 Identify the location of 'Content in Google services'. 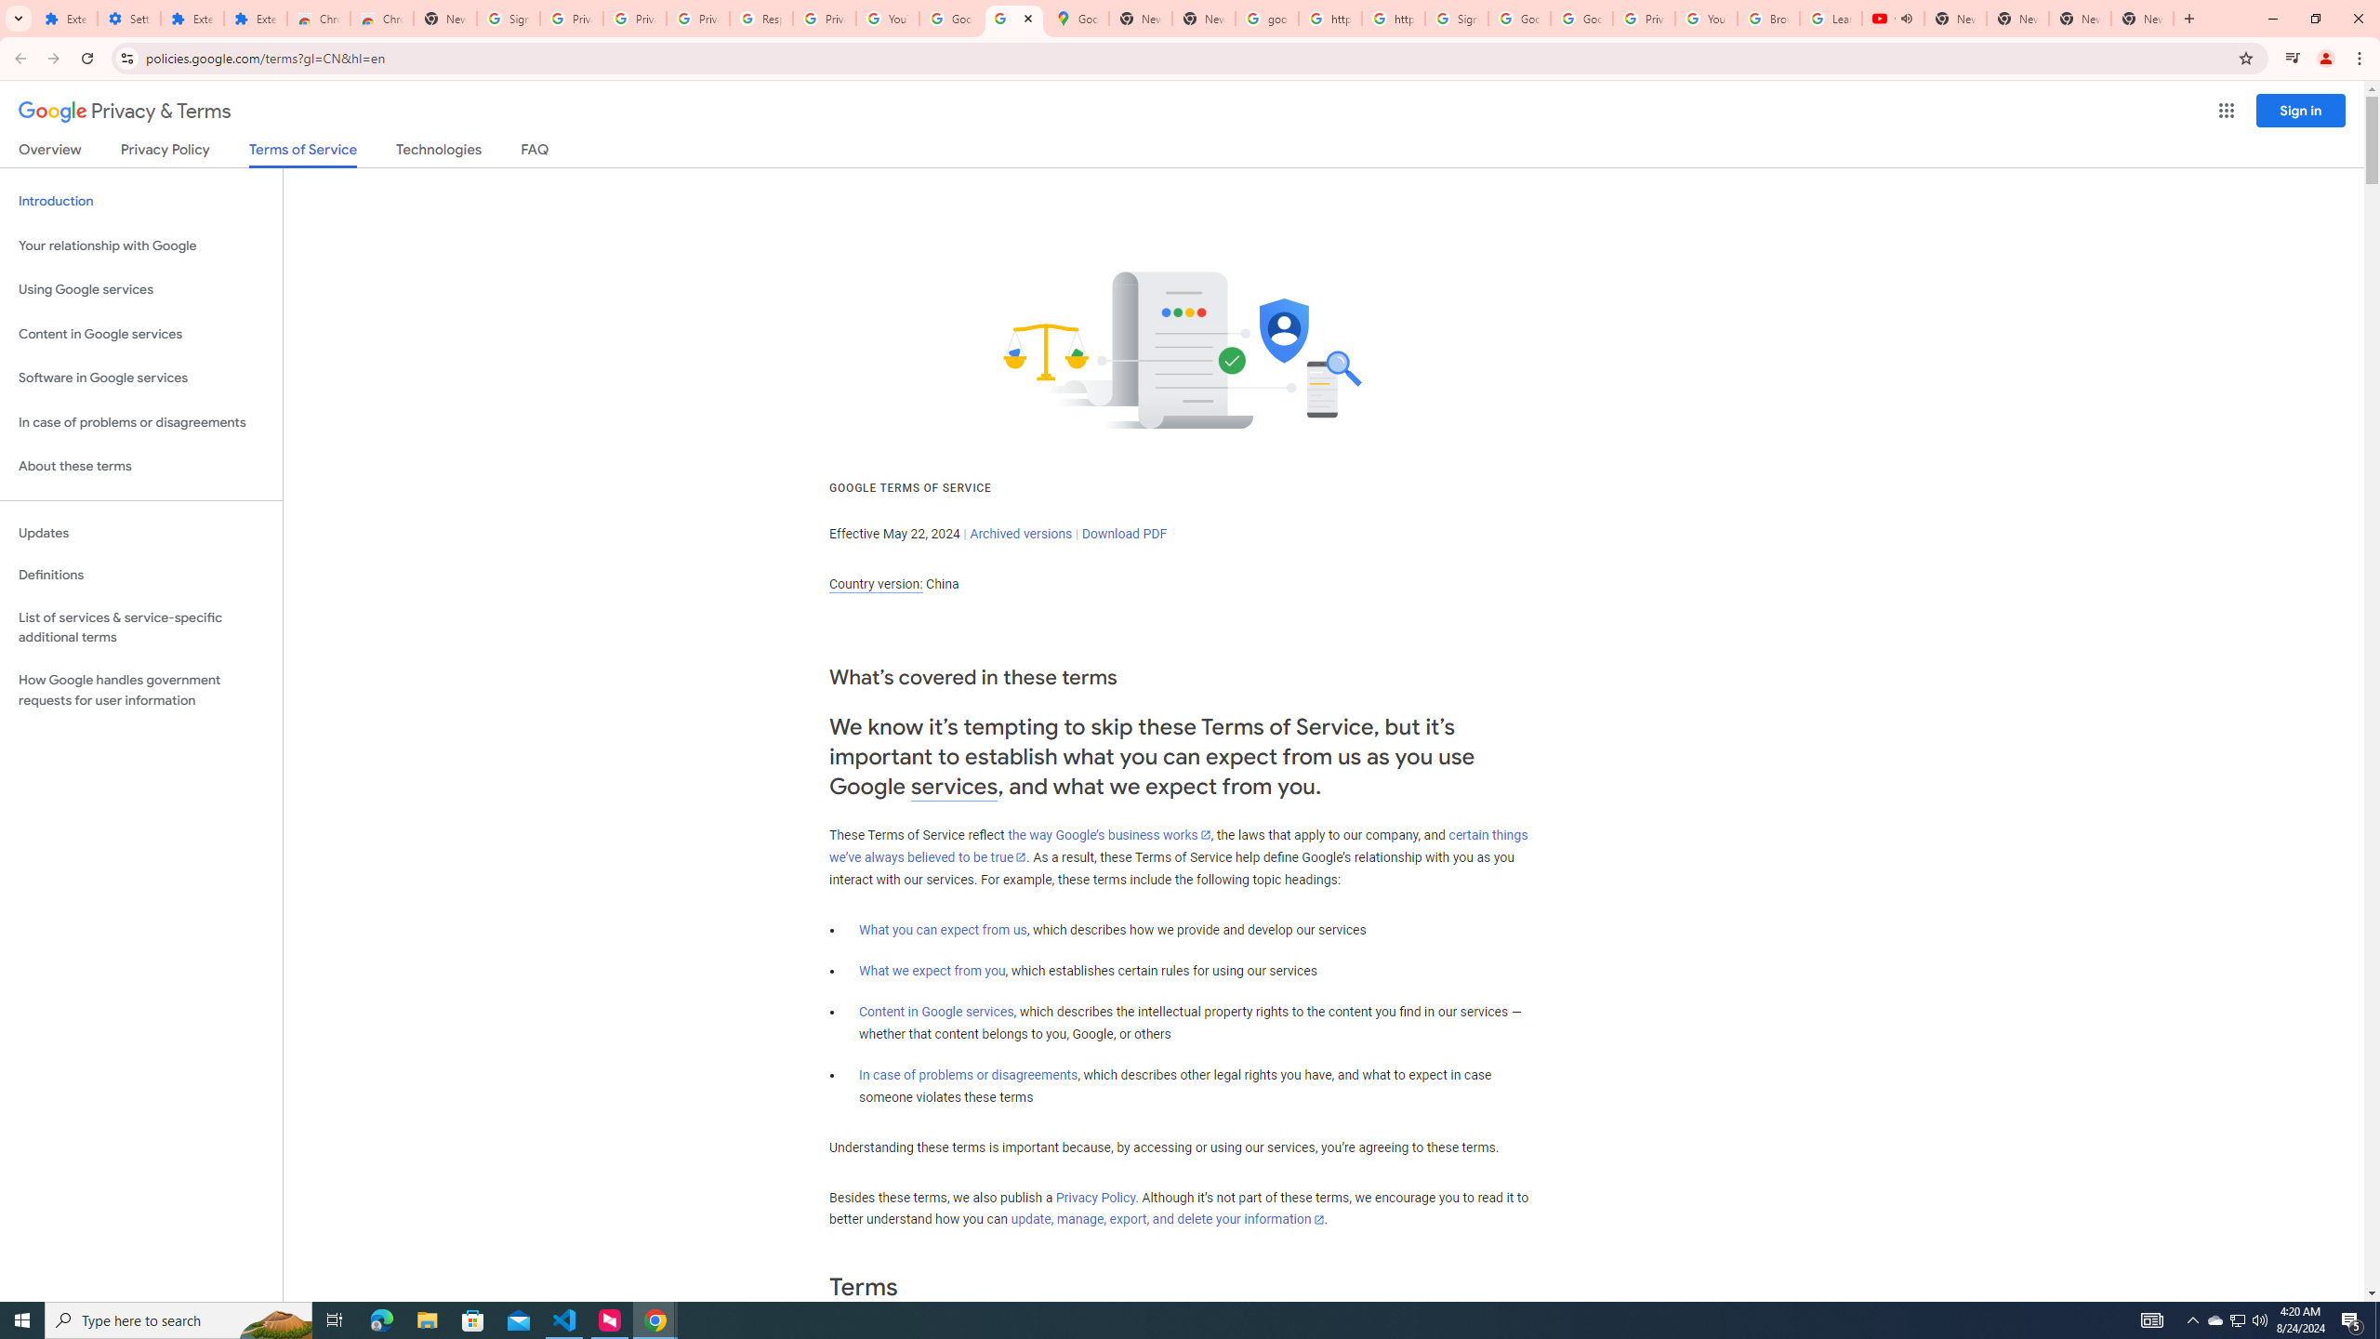
(935, 1011).